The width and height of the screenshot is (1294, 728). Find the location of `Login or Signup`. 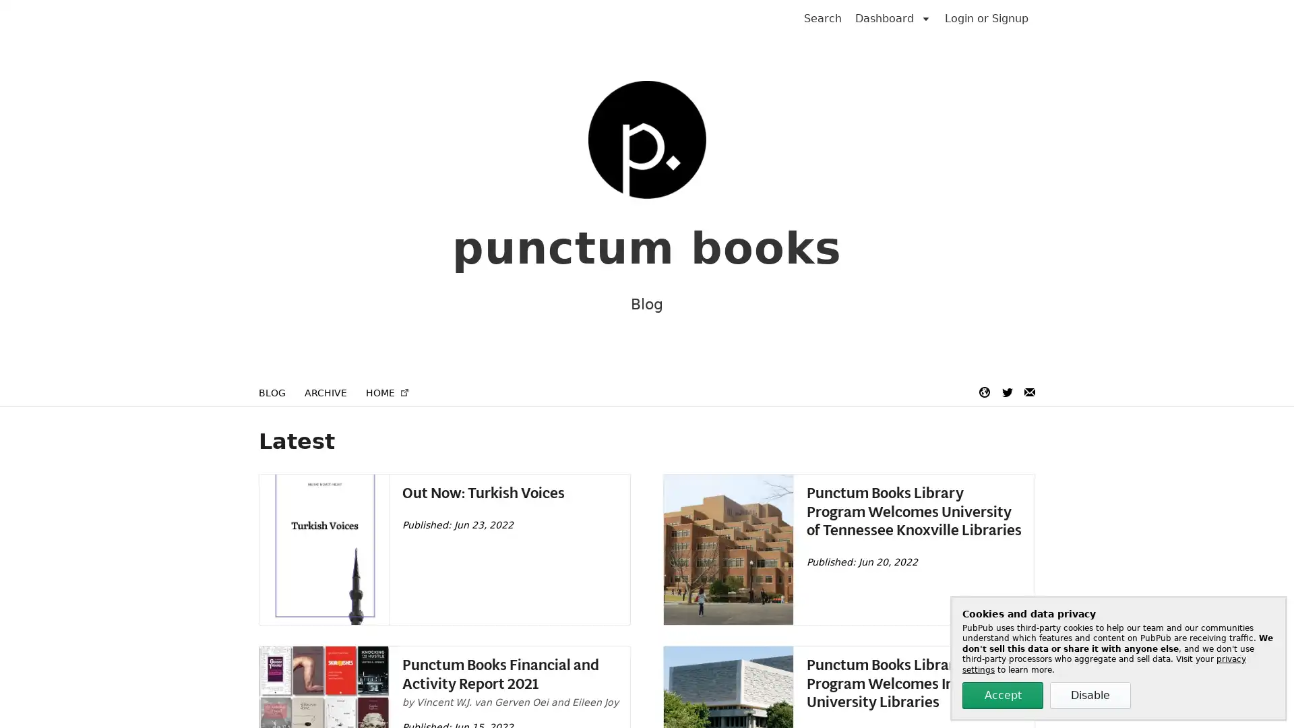

Login or Signup is located at coordinates (987, 18).